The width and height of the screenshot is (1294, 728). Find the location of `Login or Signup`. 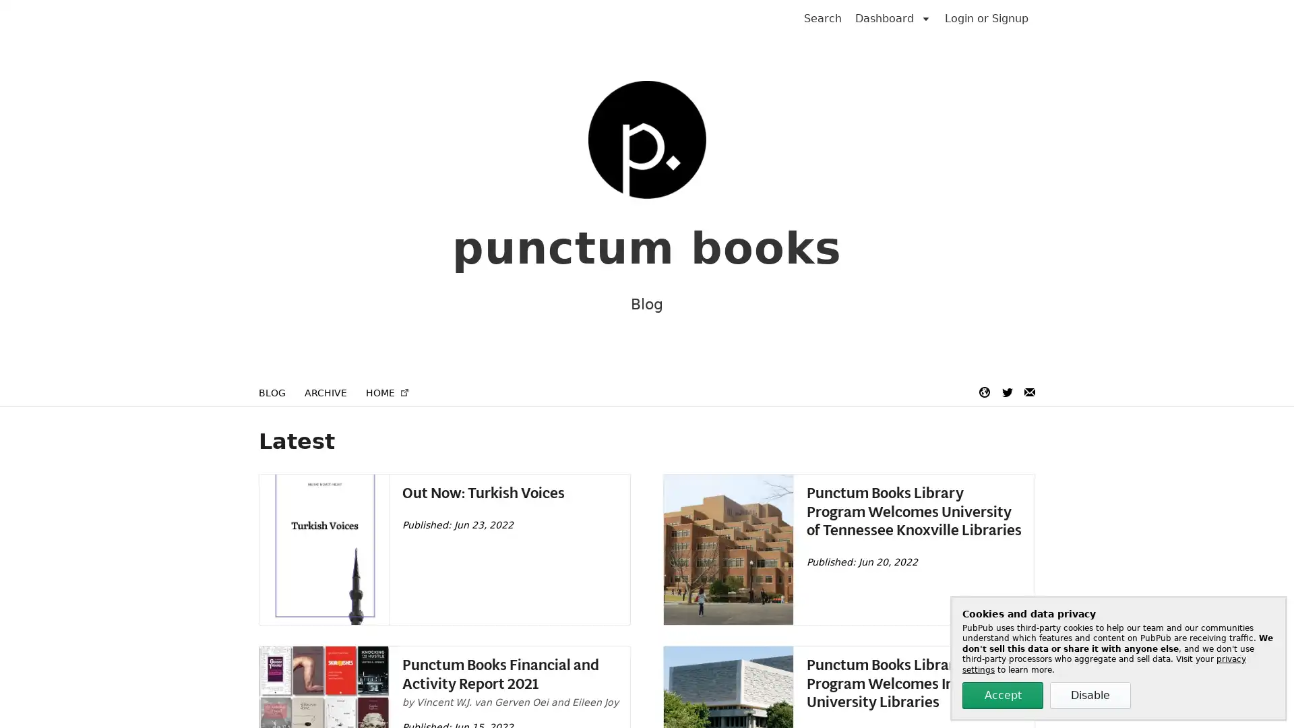

Login or Signup is located at coordinates (987, 18).